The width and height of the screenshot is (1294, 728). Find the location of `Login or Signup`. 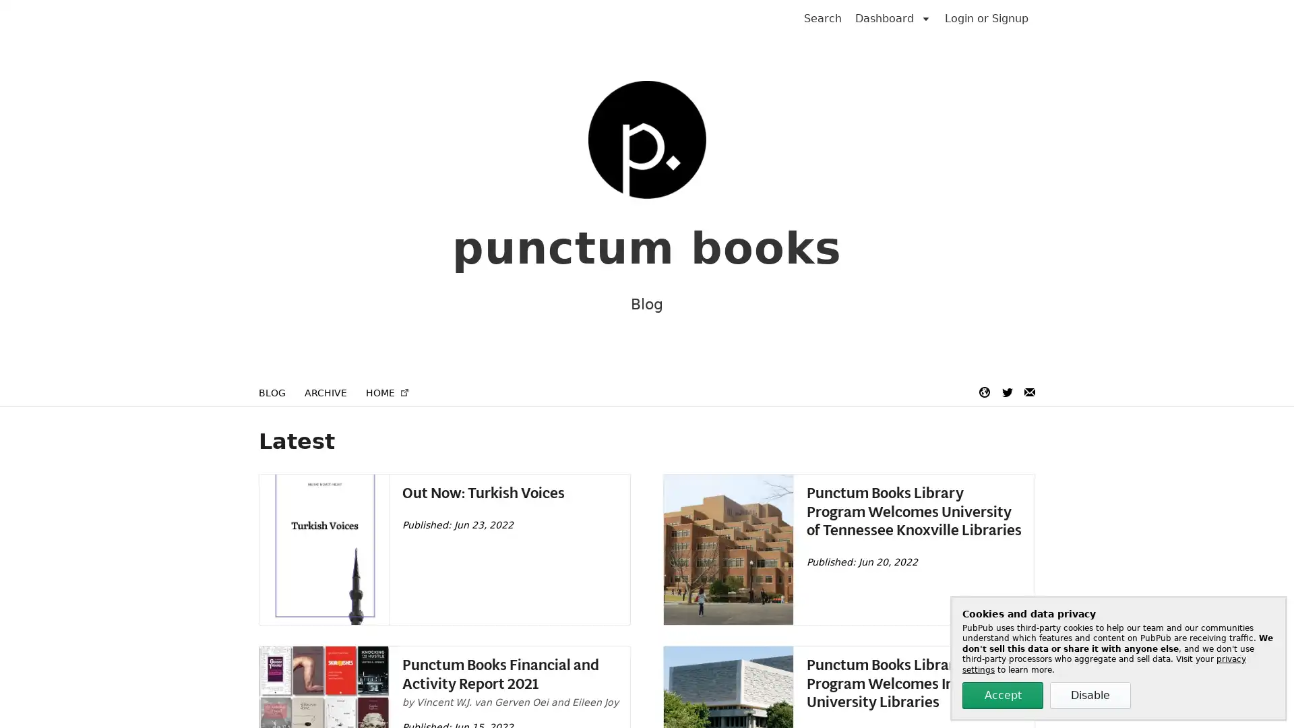

Login or Signup is located at coordinates (987, 18).